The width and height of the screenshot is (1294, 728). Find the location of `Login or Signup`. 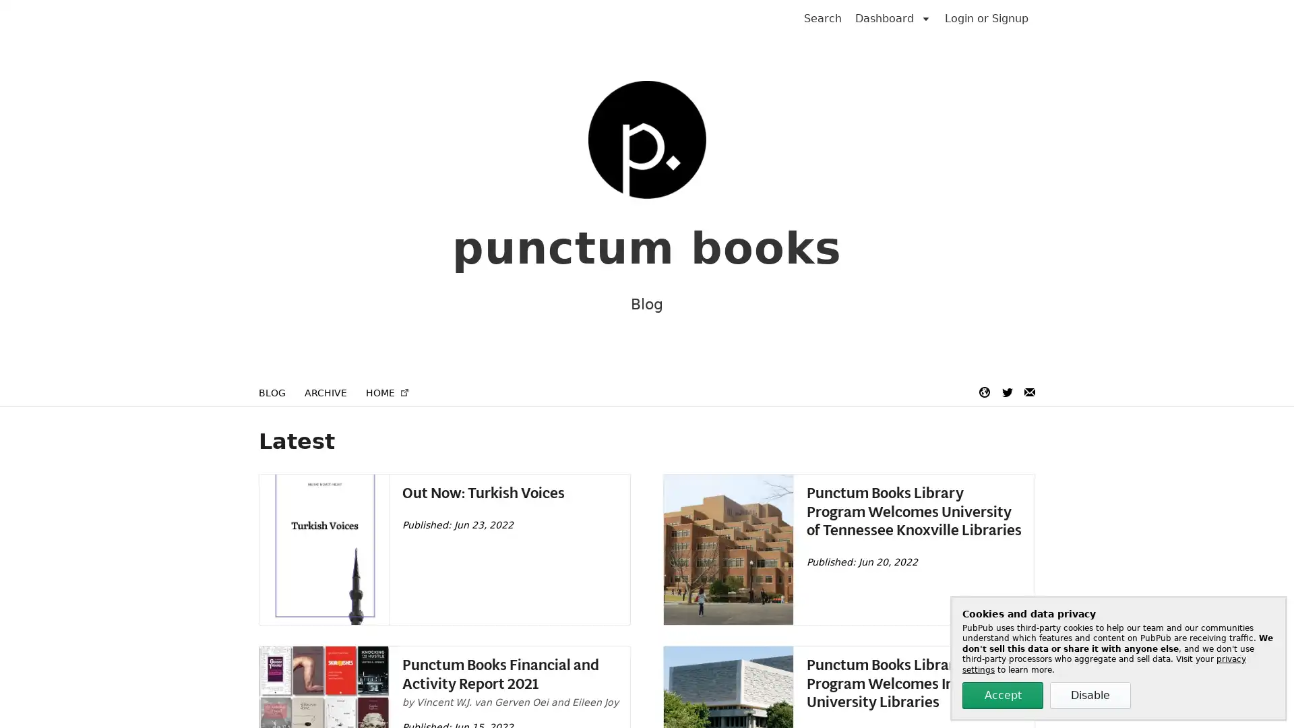

Login or Signup is located at coordinates (987, 18).